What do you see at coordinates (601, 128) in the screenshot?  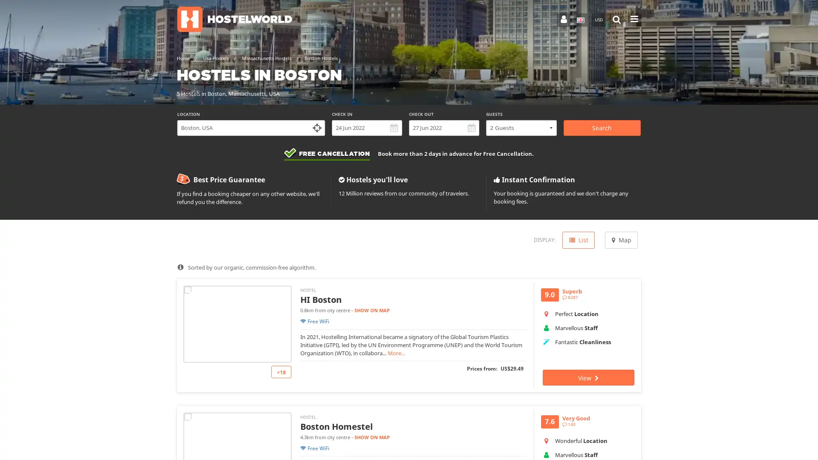 I see `Search` at bounding box center [601, 128].